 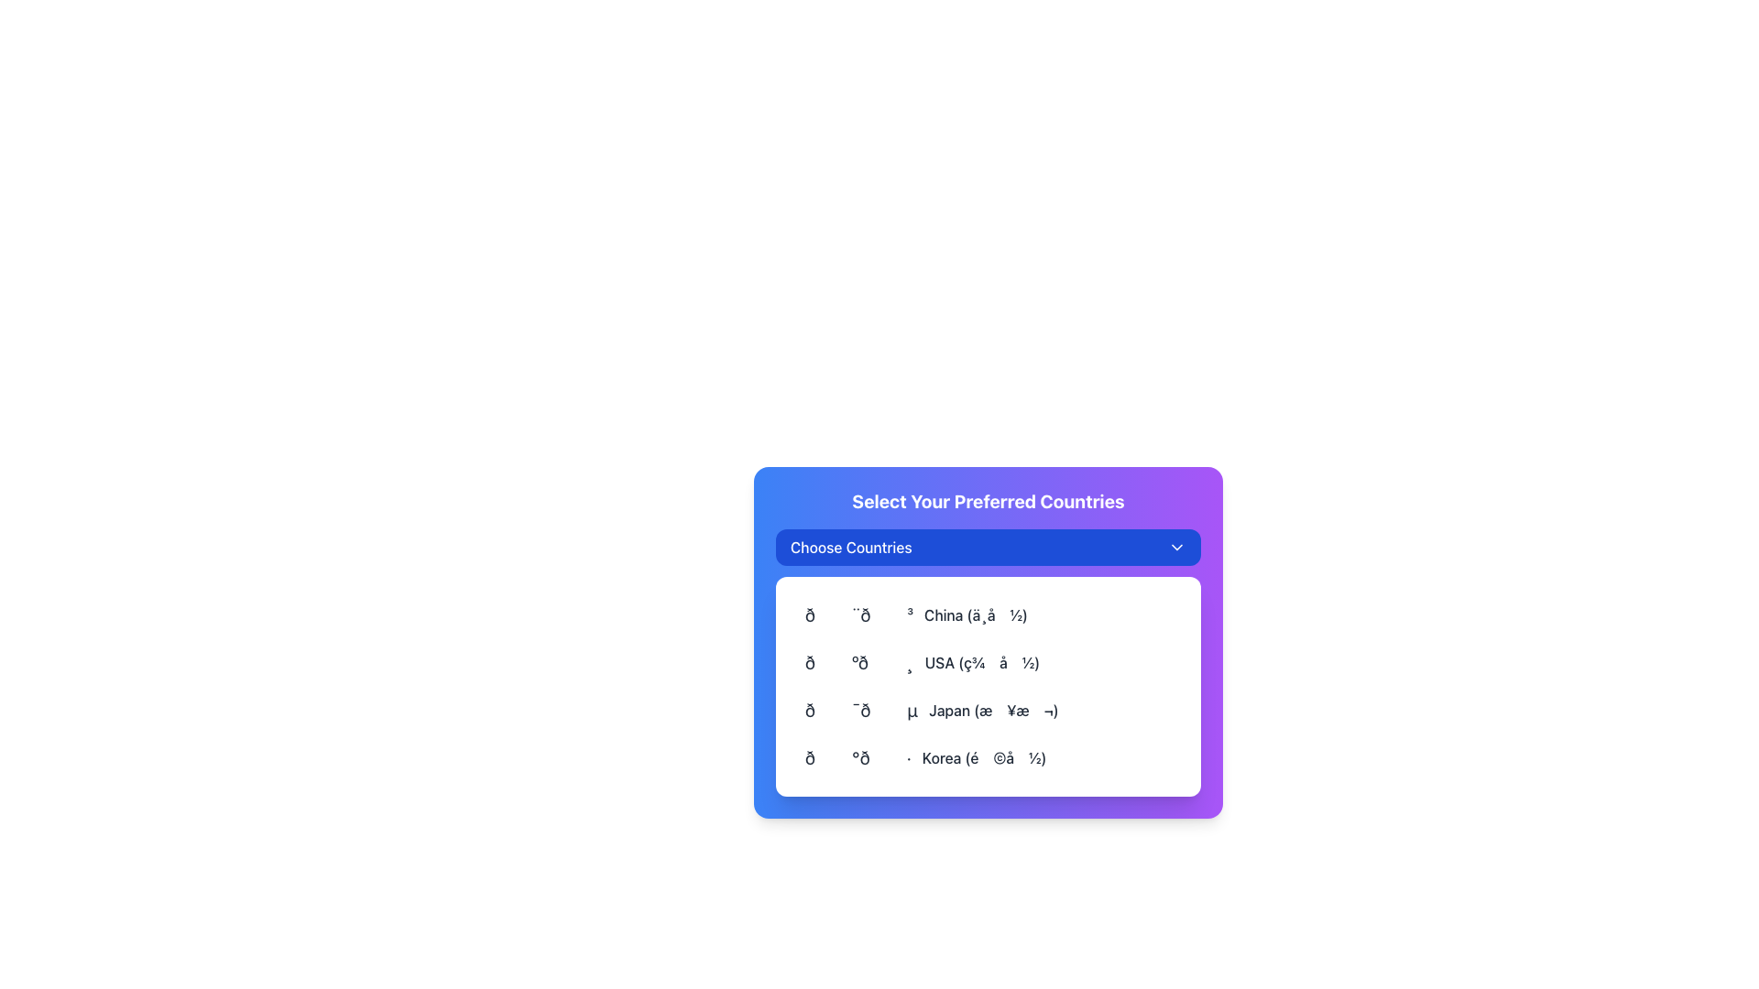 I want to click on the Text Display that shows 'Japan (æ¥æ¬)' in bold font within the dropdown menu list, so click(x=992, y=709).